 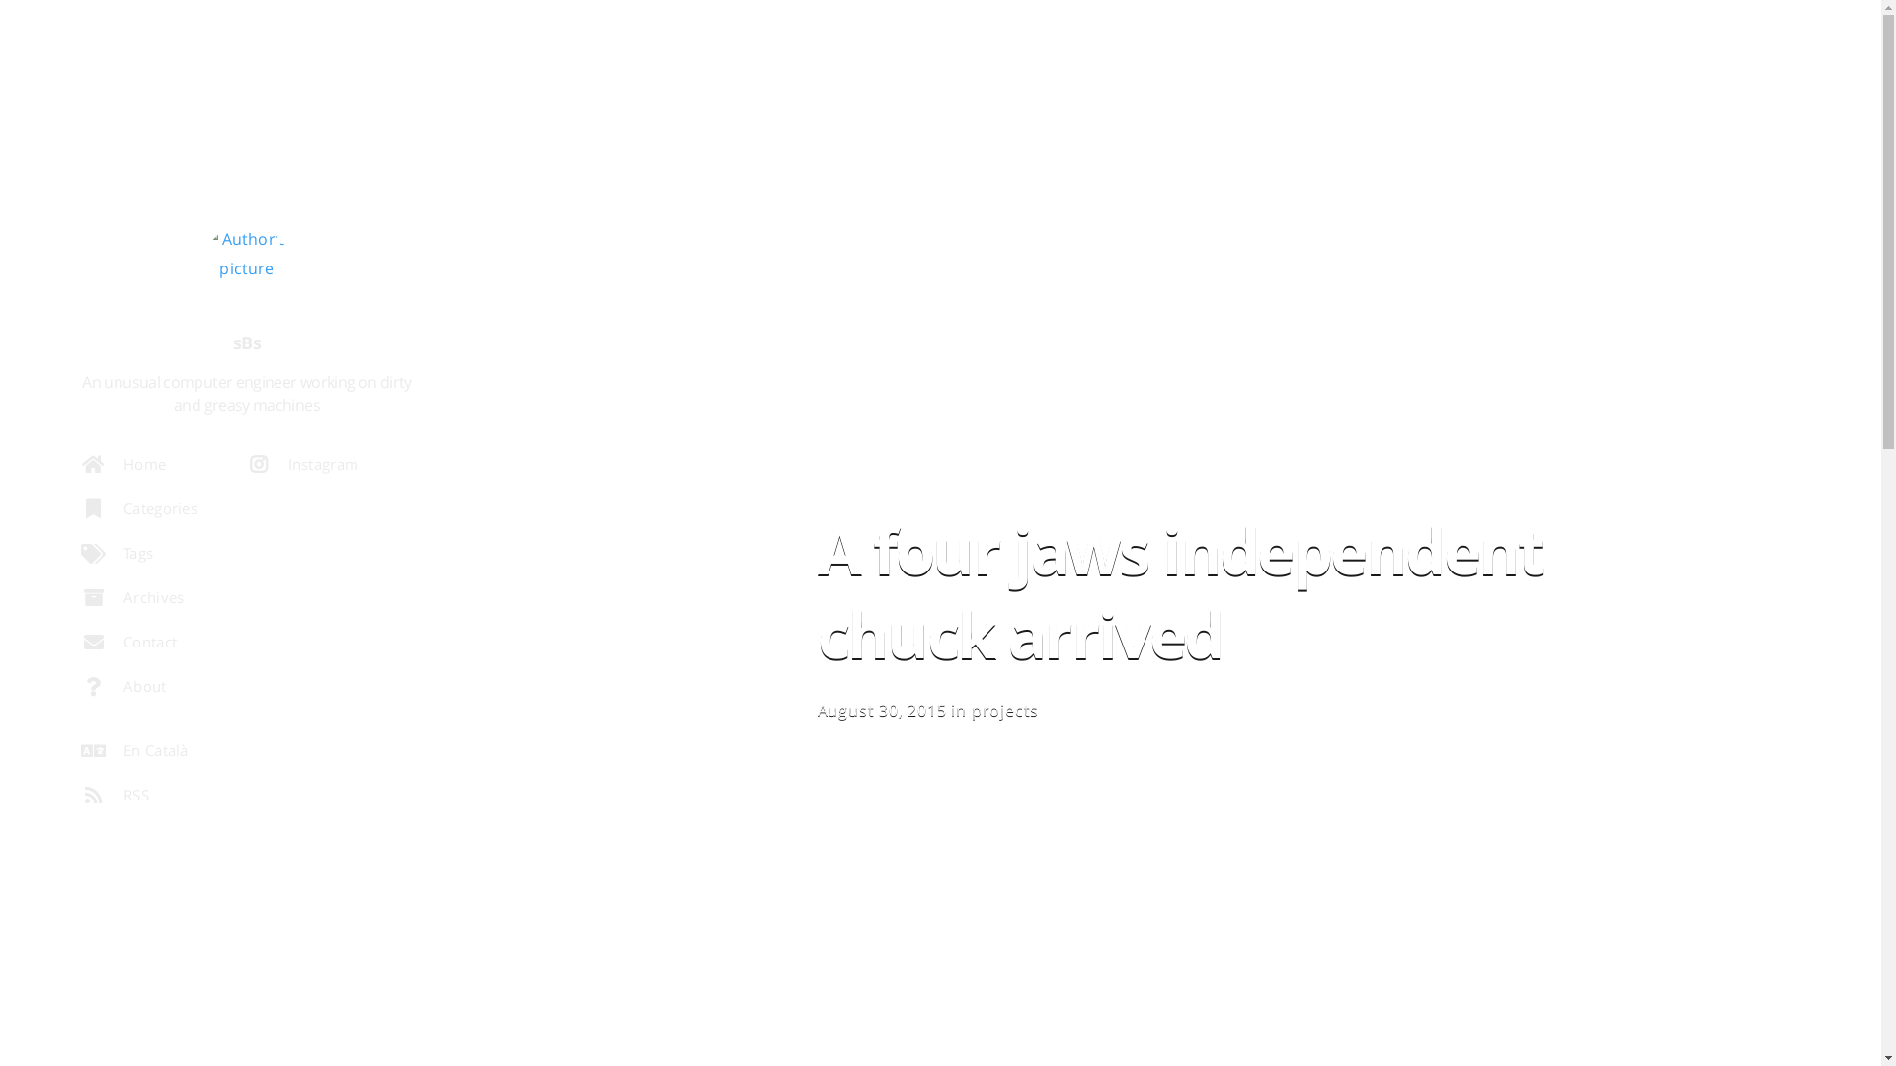 What do you see at coordinates (161, 690) in the screenshot?
I see `'About'` at bounding box center [161, 690].